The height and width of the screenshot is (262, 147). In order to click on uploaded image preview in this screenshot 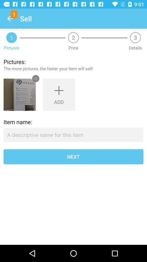, I will do `click(19, 95)`.